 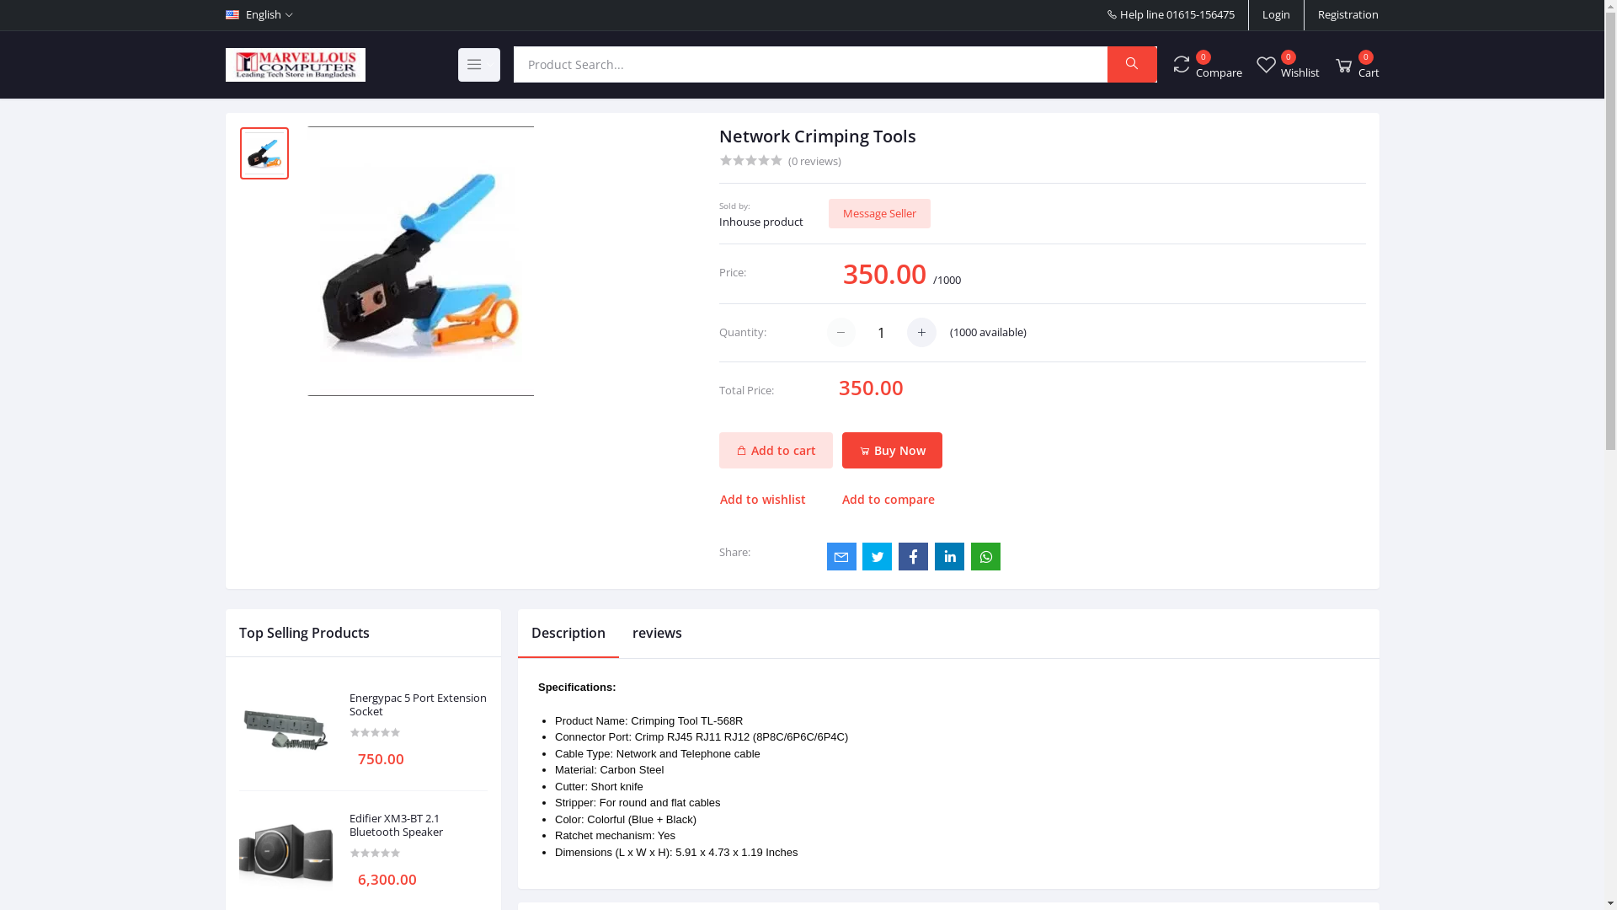 What do you see at coordinates (1170, 63) in the screenshot?
I see `'0` at bounding box center [1170, 63].